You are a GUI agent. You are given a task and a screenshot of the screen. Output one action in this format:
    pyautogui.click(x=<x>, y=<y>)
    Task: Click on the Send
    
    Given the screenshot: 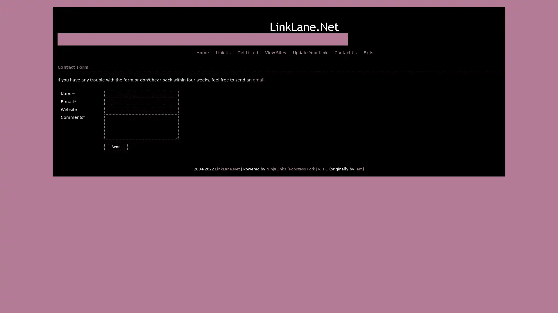 What is the action you would take?
    pyautogui.click(x=116, y=146)
    